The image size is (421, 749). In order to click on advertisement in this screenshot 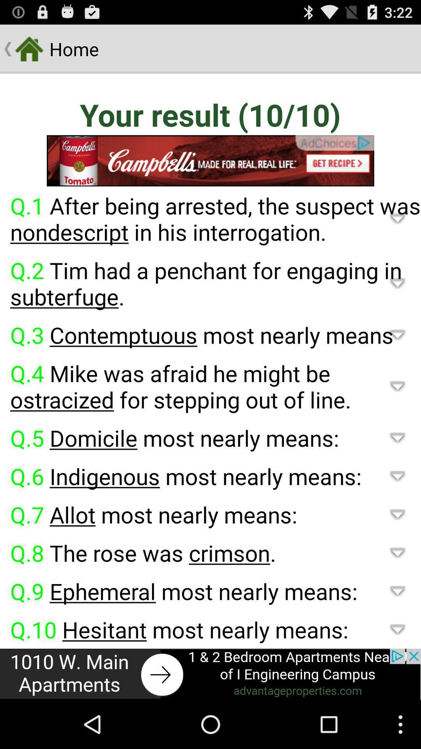, I will do `click(210, 160)`.